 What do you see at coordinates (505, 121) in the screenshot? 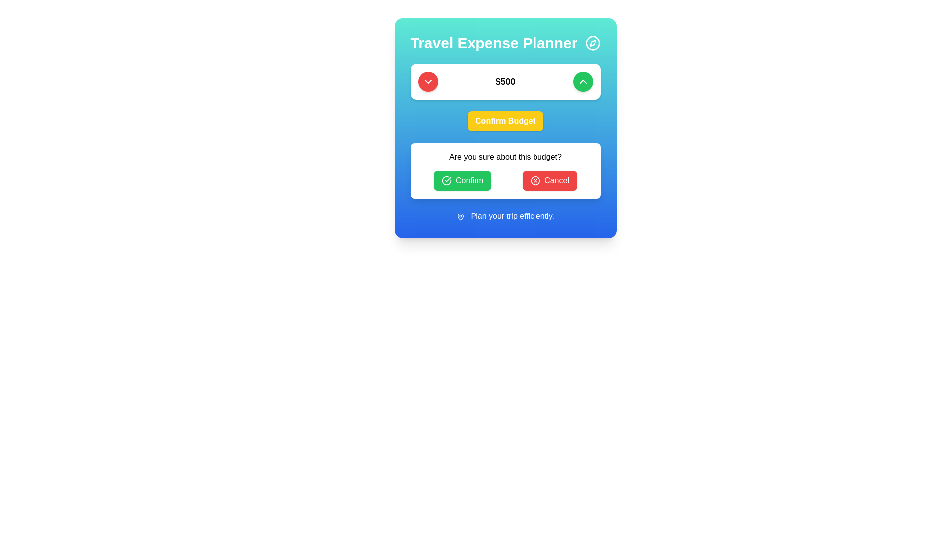
I see `the 'Confirm Budget' button, which is a rectangular button with a yellow background and rounded corners, located centrally within the white card interface` at bounding box center [505, 121].